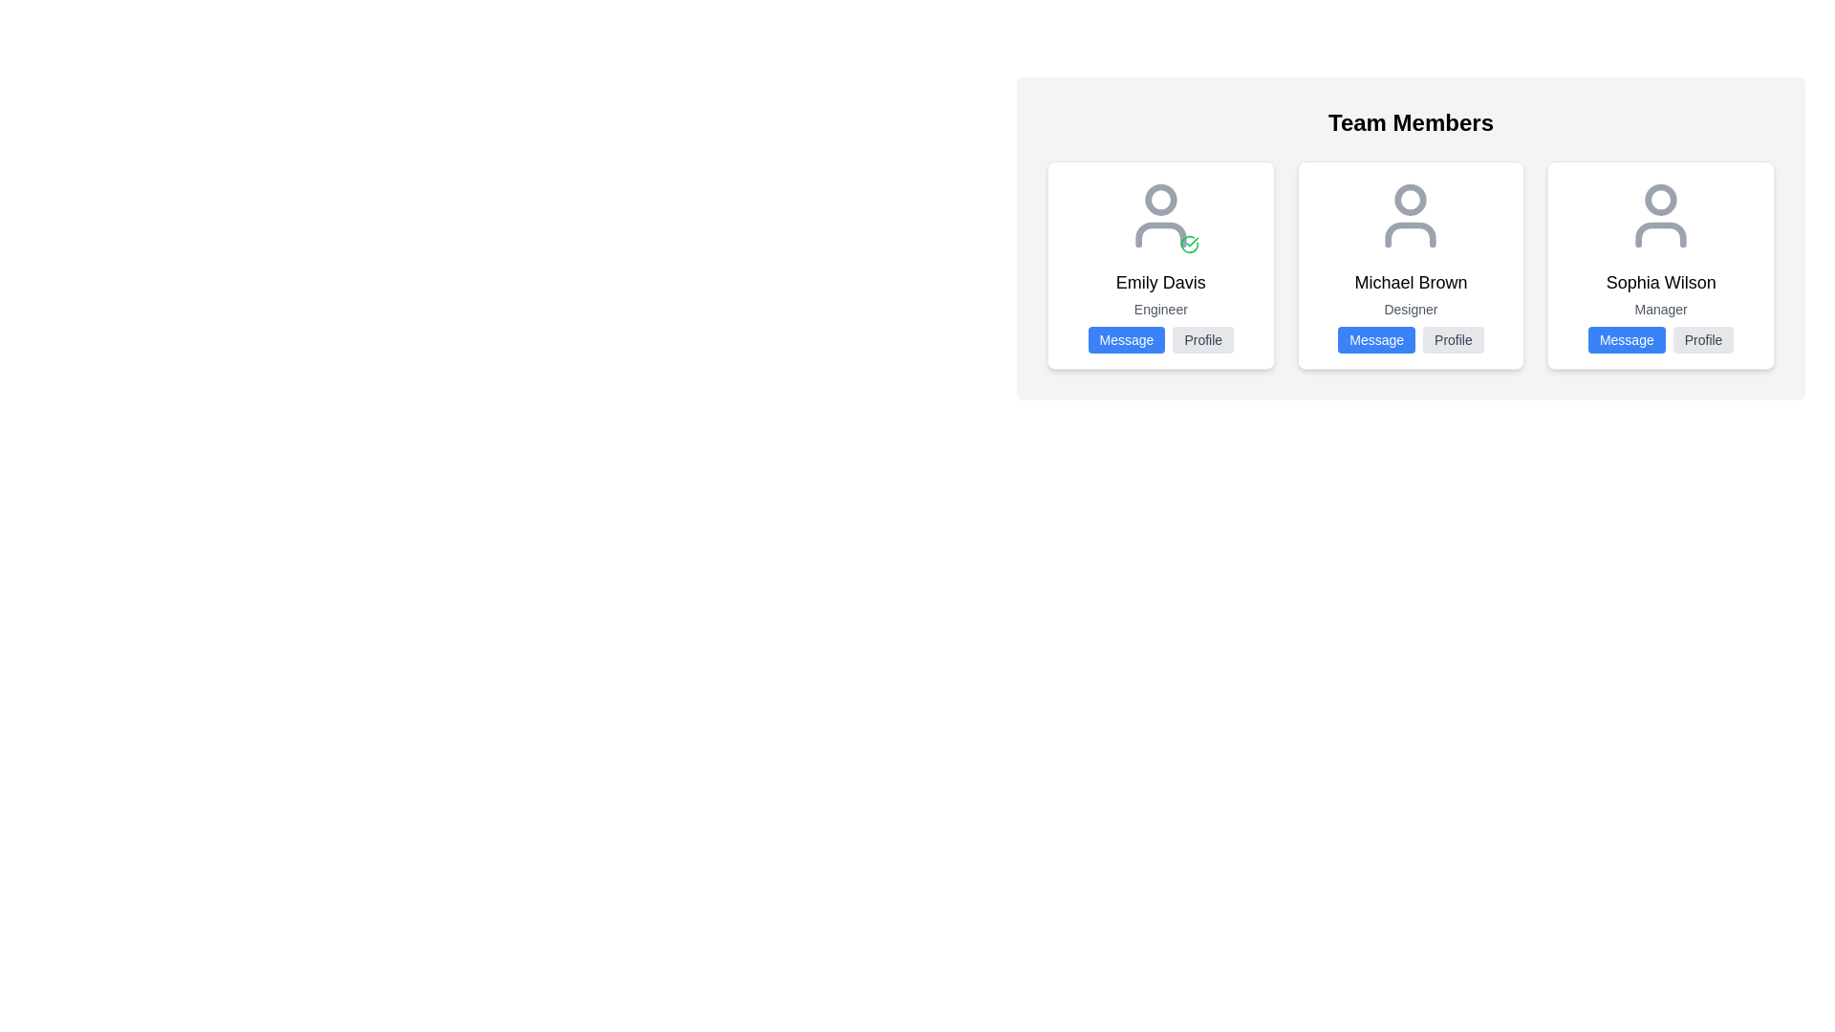  I want to click on the text label displaying 'Manager' located beneath 'Sophia Wilson' in the profile card layout, so click(1660, 309).